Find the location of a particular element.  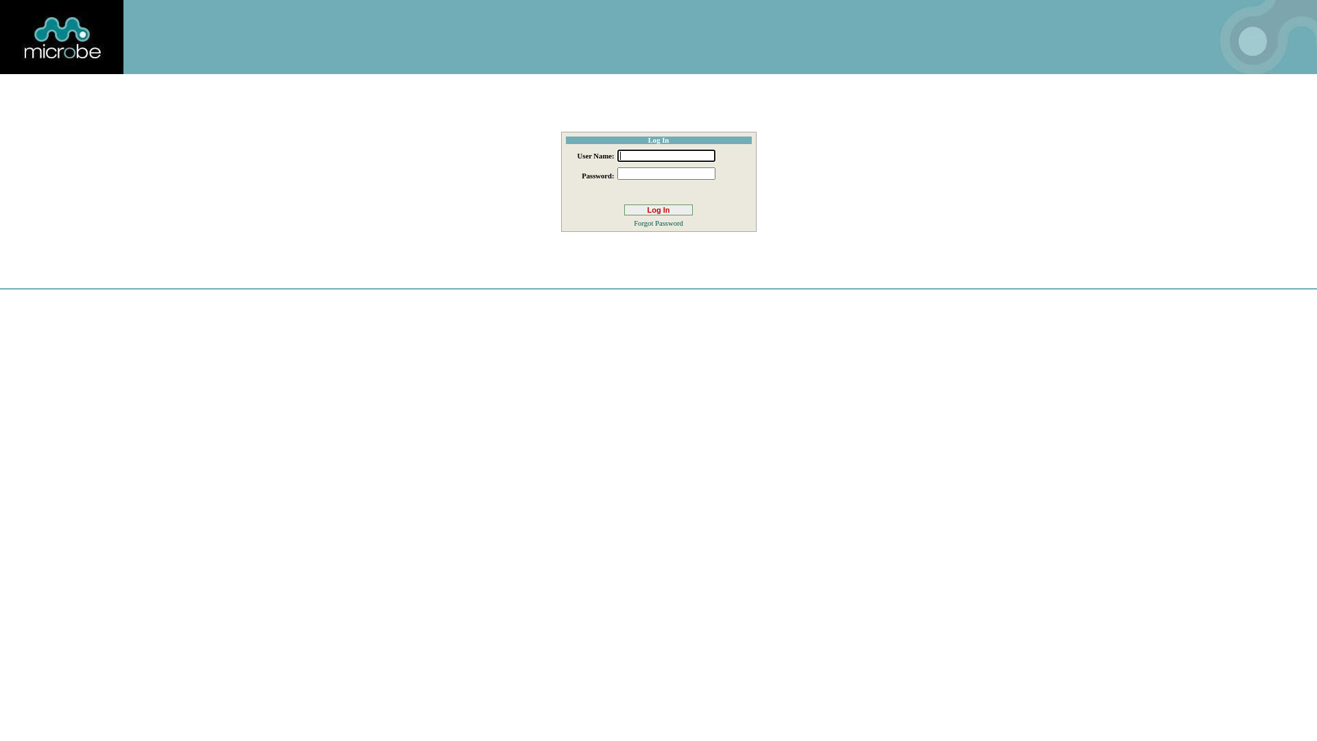

'Log In' is located at coordinates (658, 209).